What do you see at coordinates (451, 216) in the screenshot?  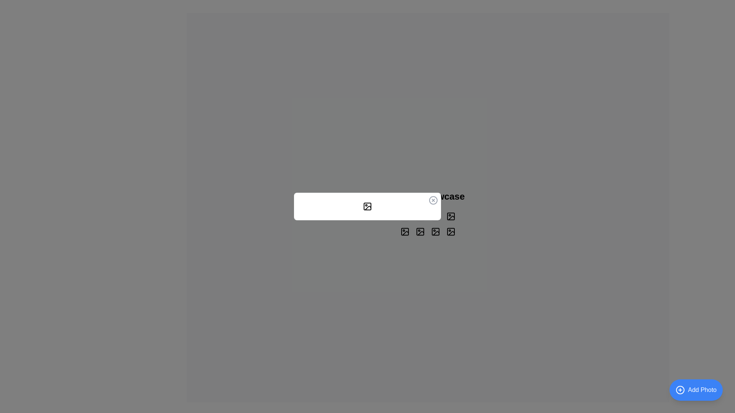 I see `the circular magnifying glass icon with a plus symbol in its center to zoom in` at bounding box center [451, 216].